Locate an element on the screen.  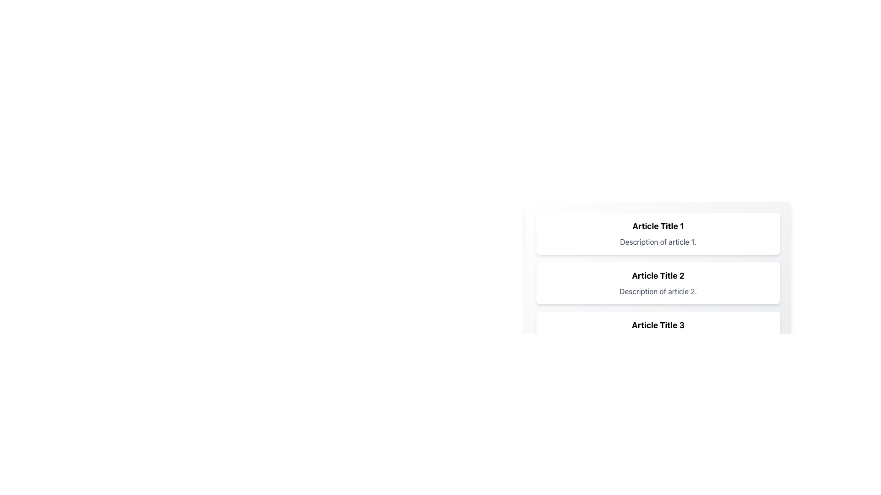
text label providing a brief description or summary of the article located below 'Article Title 1' in the card-like layout is located at coordinates (658, 242).